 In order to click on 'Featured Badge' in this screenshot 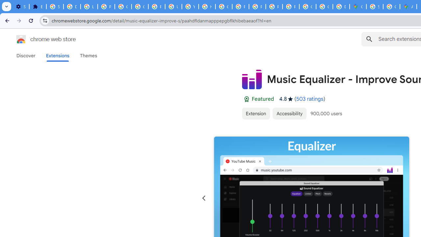, I will do `click(246, 99)`.